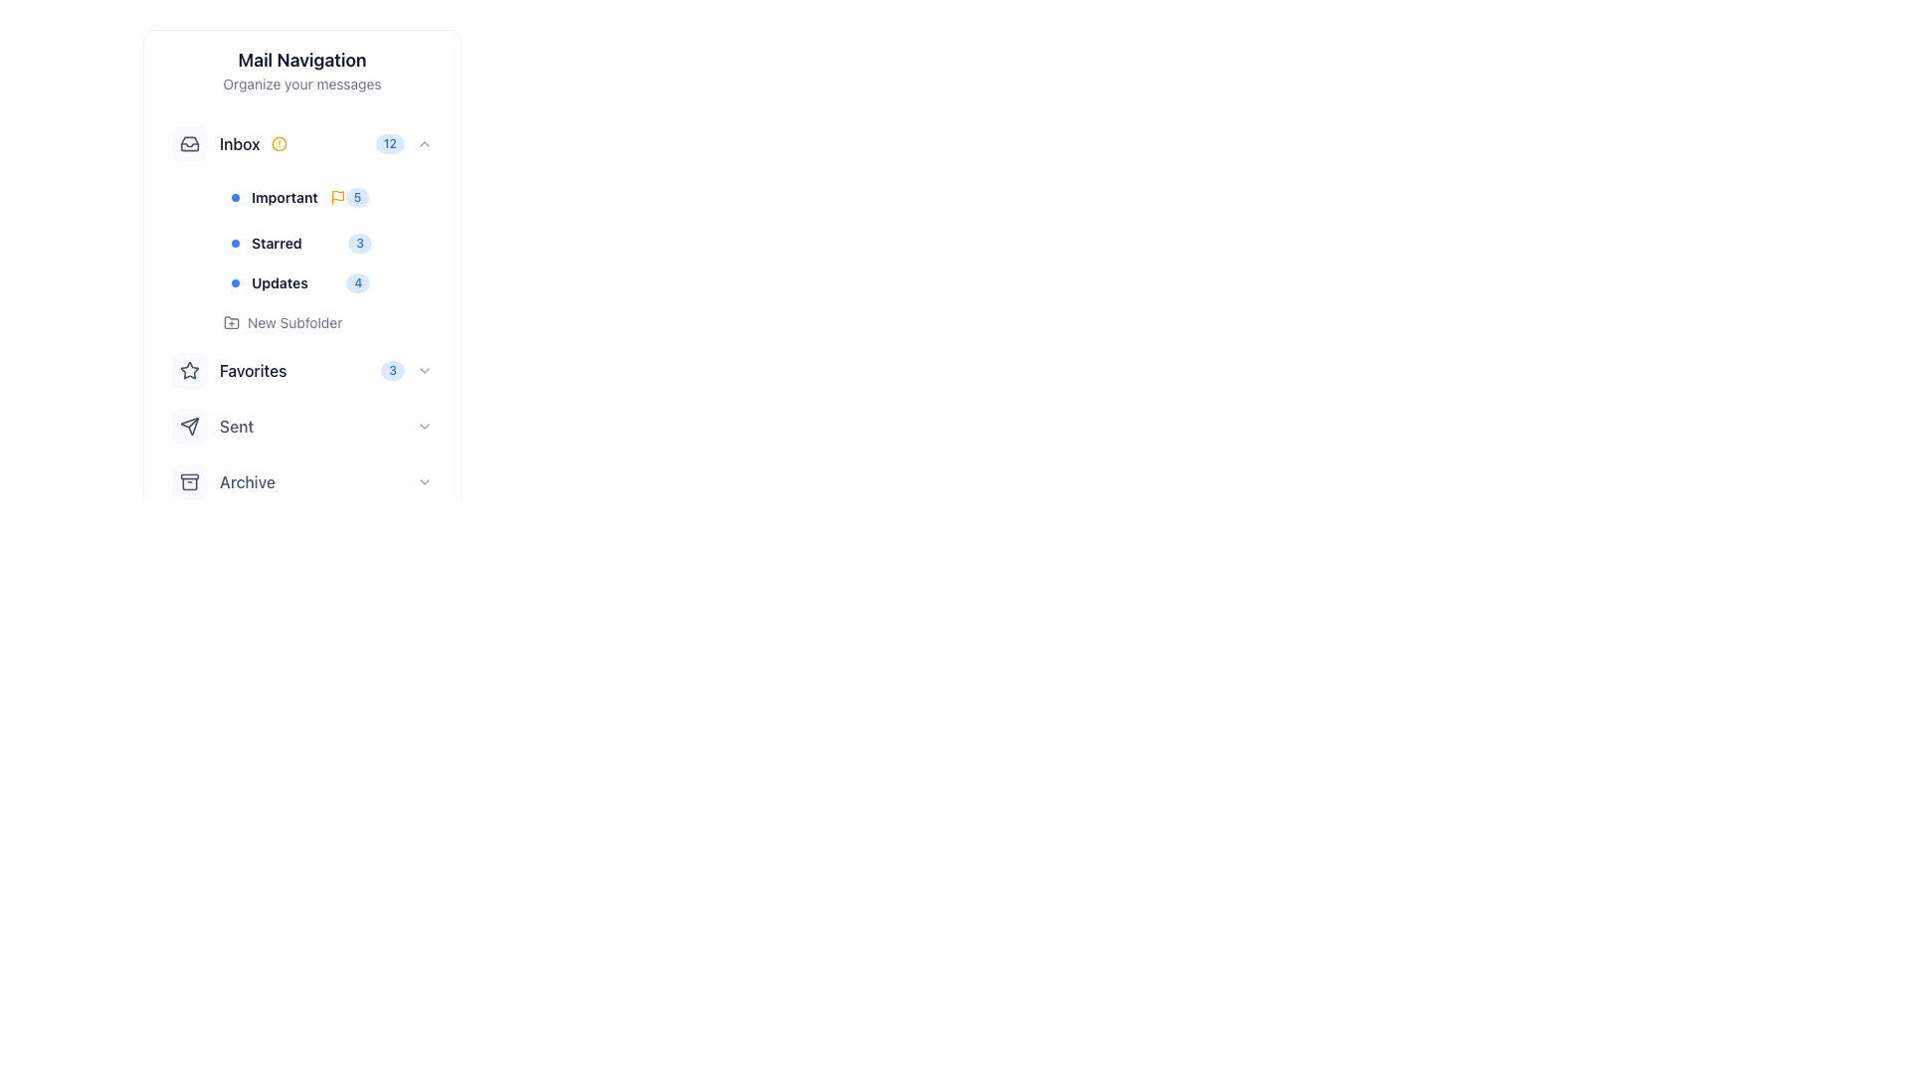 Image resolution: width=1910 pixels, height=1074 pixels. I want to click on the 'send' action icon located on the right-hand side of the highlighted area under the 'Favorites' section in the navigation menu, so click(190, 425).